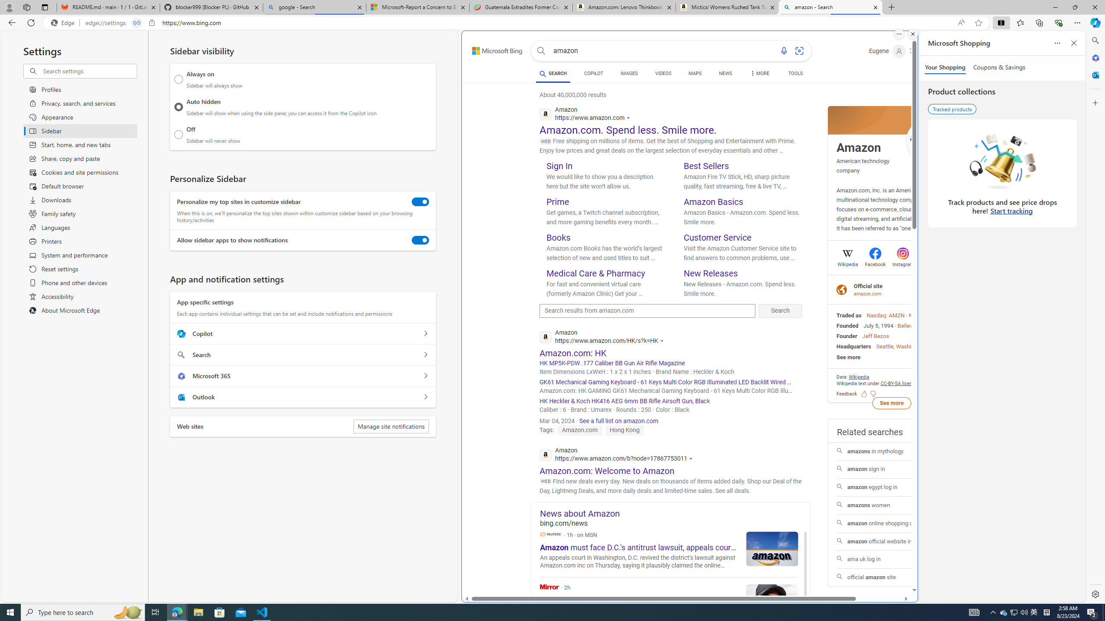  What do you see at coordinates (891, 523) in the screenshot?
I see `'amazon online shopping department'` at bounding box center [891, 523].